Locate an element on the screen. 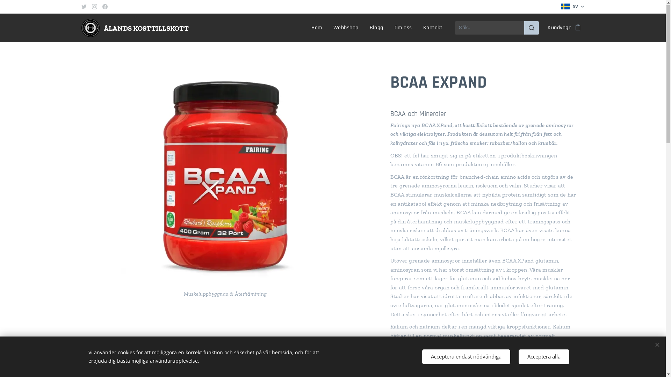  'Acceptera alla' is located at coordinates (543, 357).